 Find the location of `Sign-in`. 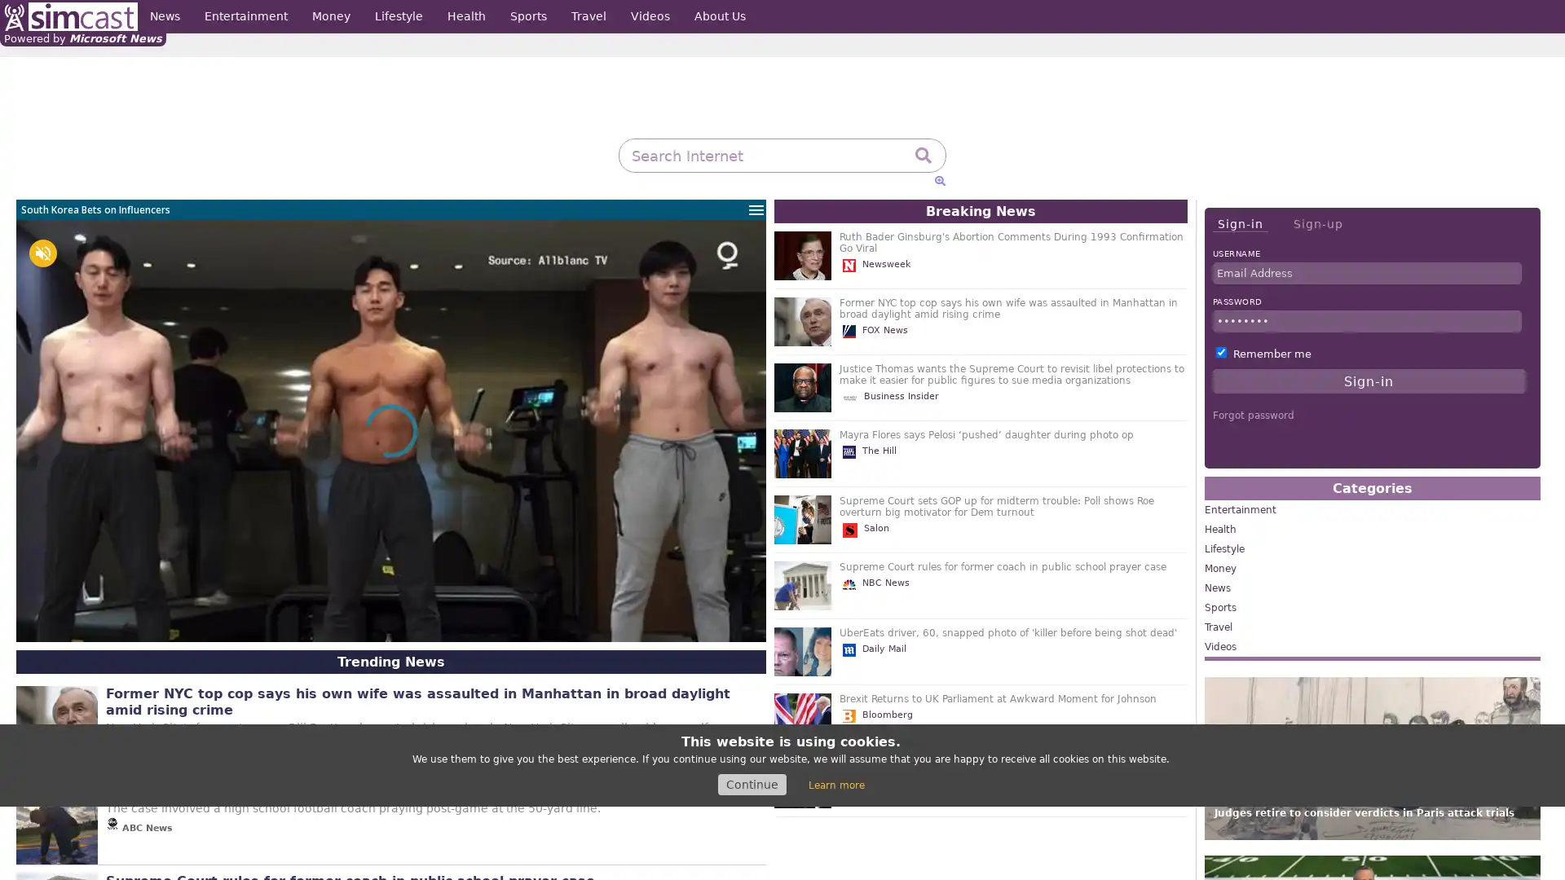

Sign-in is located at coordinates (1369, 381).